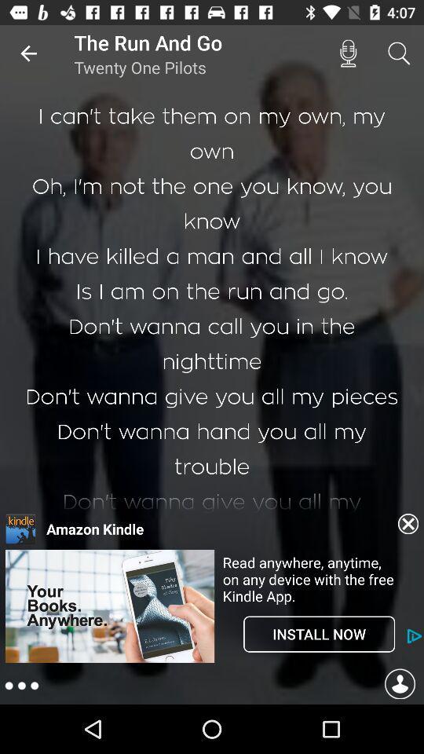 This screenshot has height=754, width=424. What do you see at coordinates (408, 524) in the screenshot?
I see `clear botton` at bounding box center [408, 524].